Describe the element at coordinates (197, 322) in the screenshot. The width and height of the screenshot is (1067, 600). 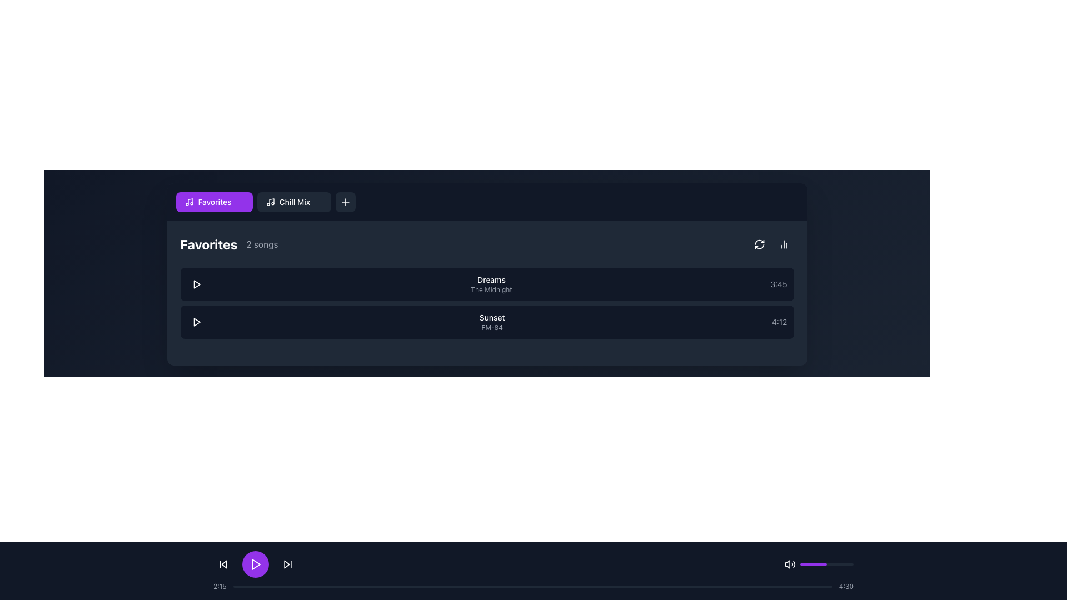
I see `the play icon represented by a minimalist outline triangle located on the left side of the second track row in the 'Favorites' section of the music playlist interface` at that location.